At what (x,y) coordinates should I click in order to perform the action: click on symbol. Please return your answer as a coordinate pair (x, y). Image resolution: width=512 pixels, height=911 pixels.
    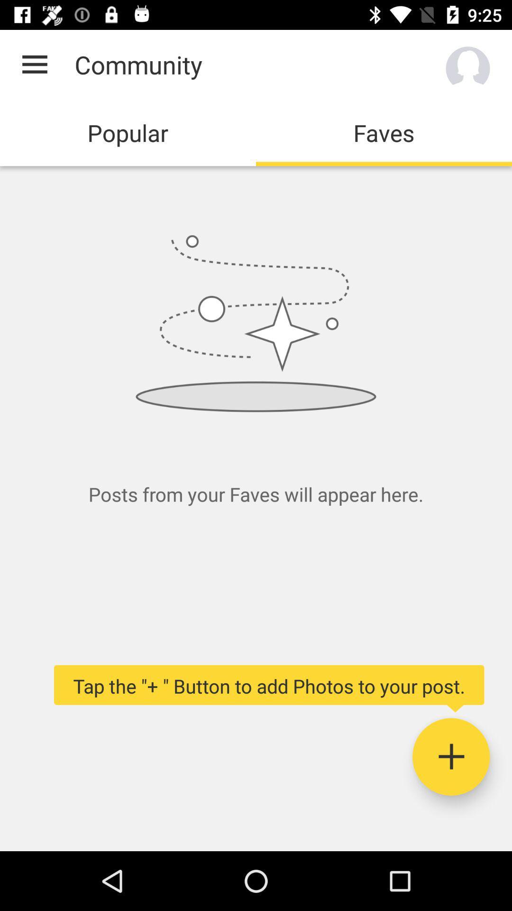
    Looking at the image, I should click on (450, 756).